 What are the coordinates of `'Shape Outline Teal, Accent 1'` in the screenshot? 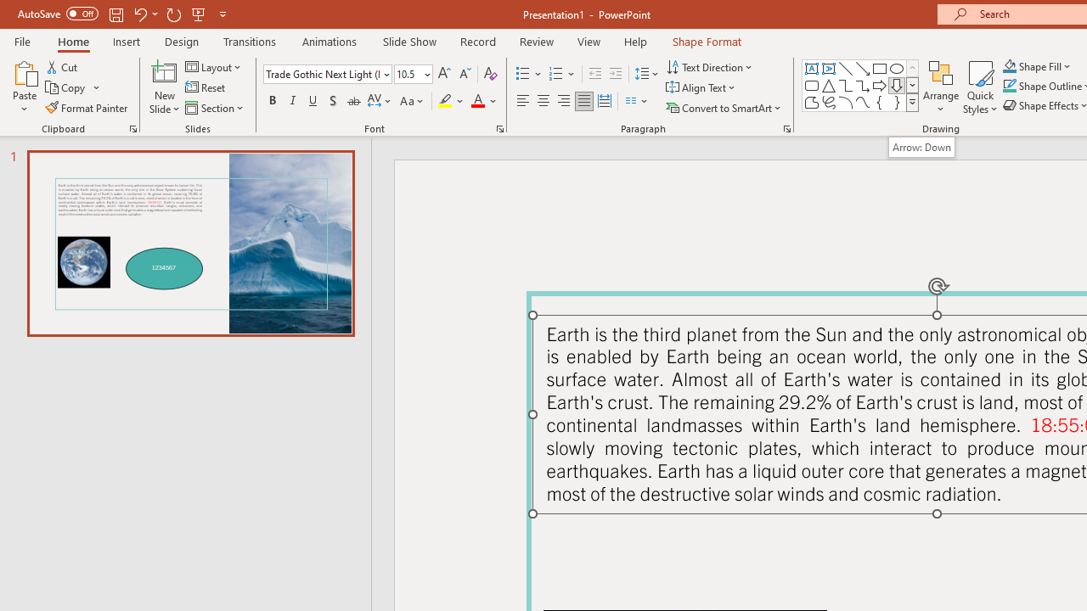 It's located at (1010, 86).